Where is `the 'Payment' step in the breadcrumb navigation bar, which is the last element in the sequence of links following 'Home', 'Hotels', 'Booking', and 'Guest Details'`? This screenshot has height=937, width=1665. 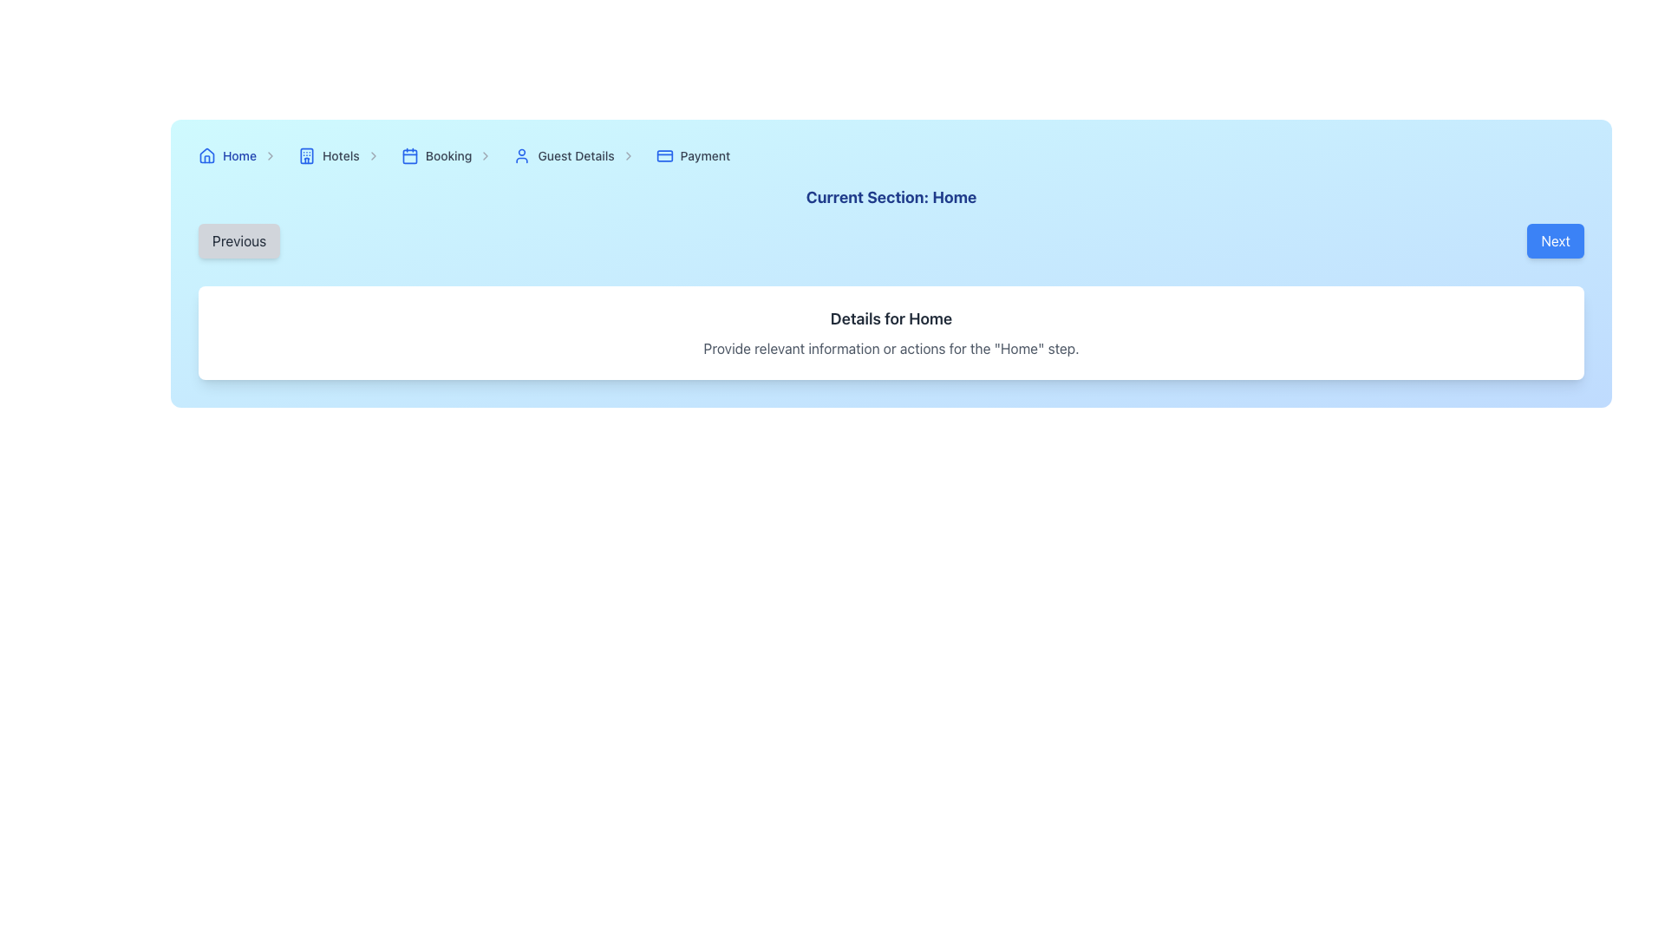 the 'Payment' step in the breadcrumb navigation bar, which is the last element in the sequence of links following 'Home', 'Hotels', 'Booking', and 'Guest Details' is located at coordinates (692, 156).